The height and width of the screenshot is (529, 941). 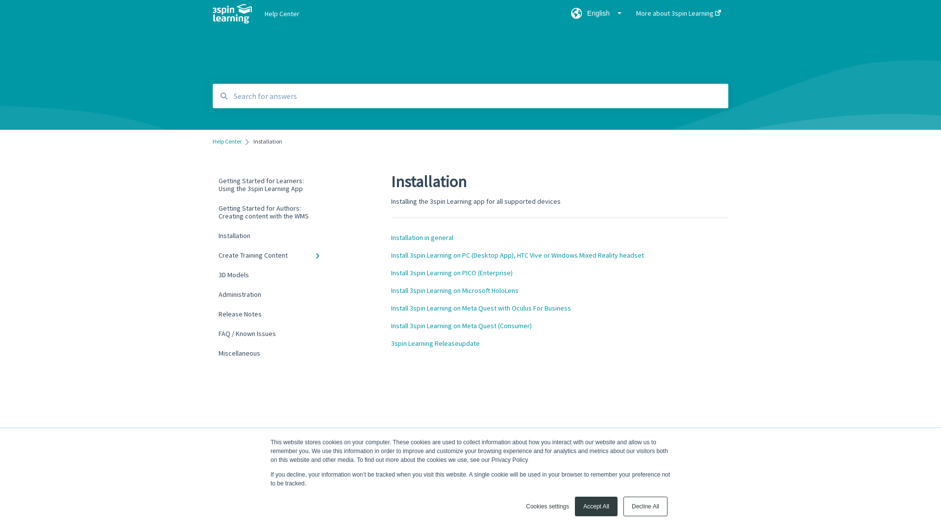 What do you see at coordinates (226, 142) in the screenshot?
I see `'Help Center'` at bounding box center [226, 142].